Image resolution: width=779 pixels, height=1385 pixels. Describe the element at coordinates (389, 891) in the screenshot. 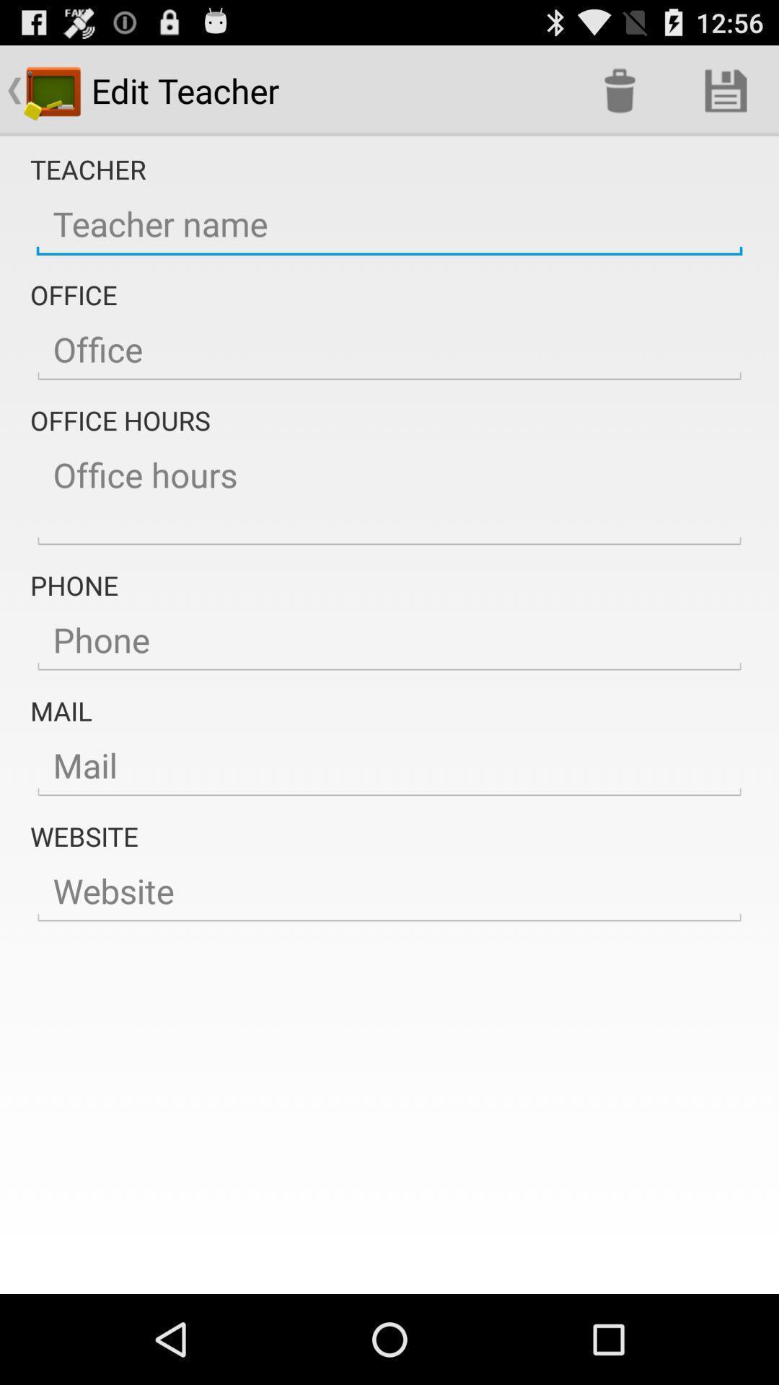

I see `website` at that location.